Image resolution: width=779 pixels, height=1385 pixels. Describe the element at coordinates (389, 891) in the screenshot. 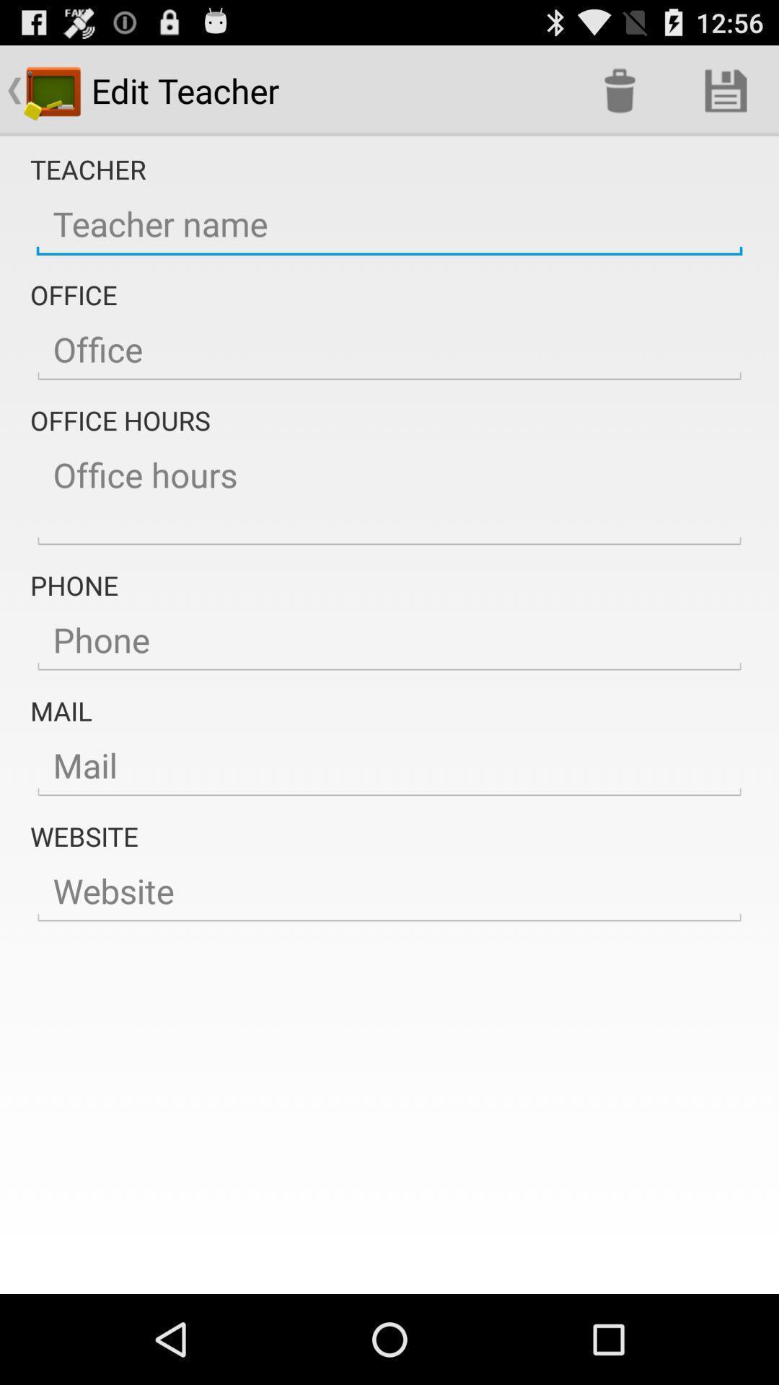

I see `website` at that location.